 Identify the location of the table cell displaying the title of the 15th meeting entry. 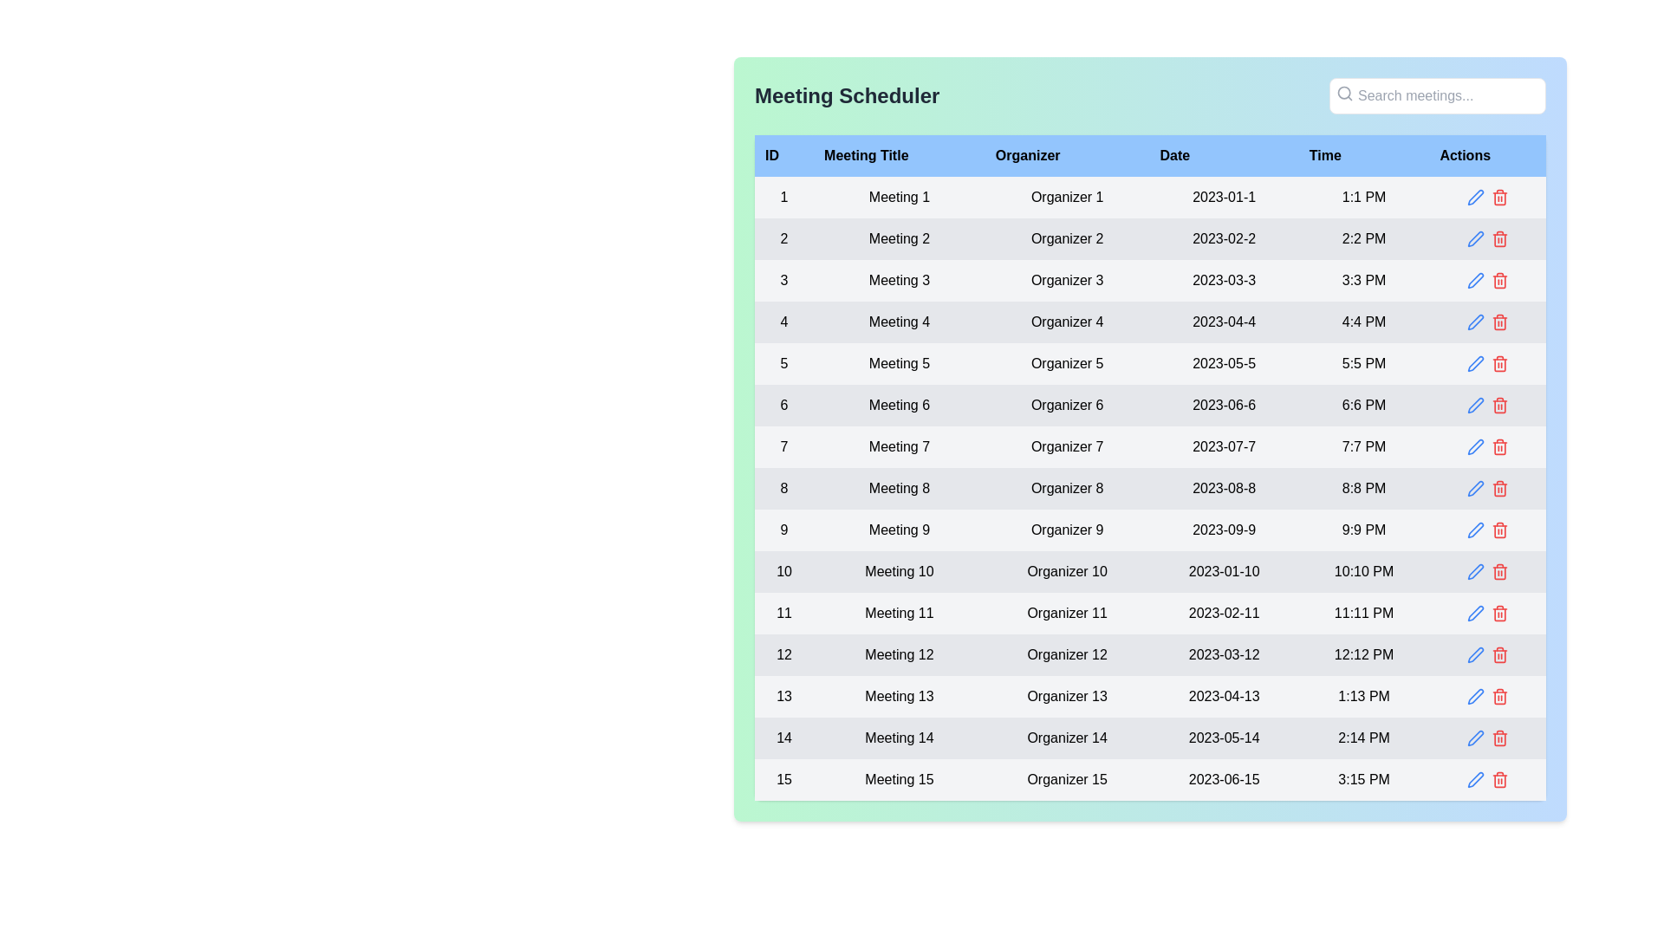
(899, 778).